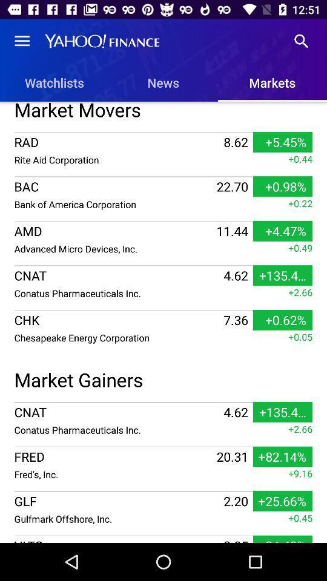 This screenshot has width=327, height=581. What do you see at coordinates (283, 456) in the screenshot?
I see `icon above +9.16 item` at bounding box center [283, 456].